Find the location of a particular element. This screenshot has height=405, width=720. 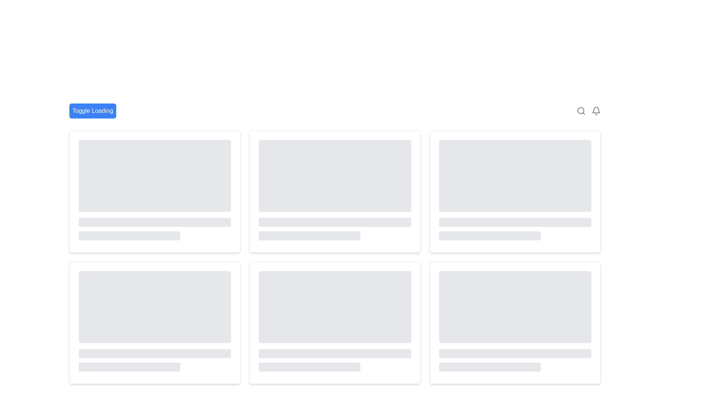

the notification icon located at the top-right corner of the interface, to the right of the 'Toggle Loading' text is located at coordinates (588, 111).